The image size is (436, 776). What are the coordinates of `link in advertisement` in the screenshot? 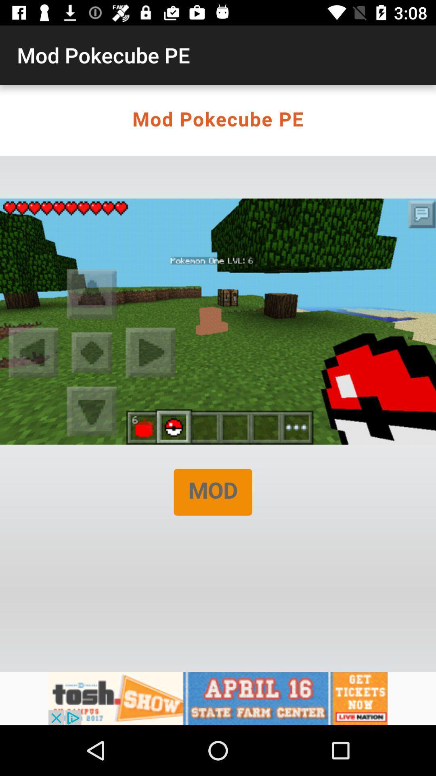 It's located at (218, 698).